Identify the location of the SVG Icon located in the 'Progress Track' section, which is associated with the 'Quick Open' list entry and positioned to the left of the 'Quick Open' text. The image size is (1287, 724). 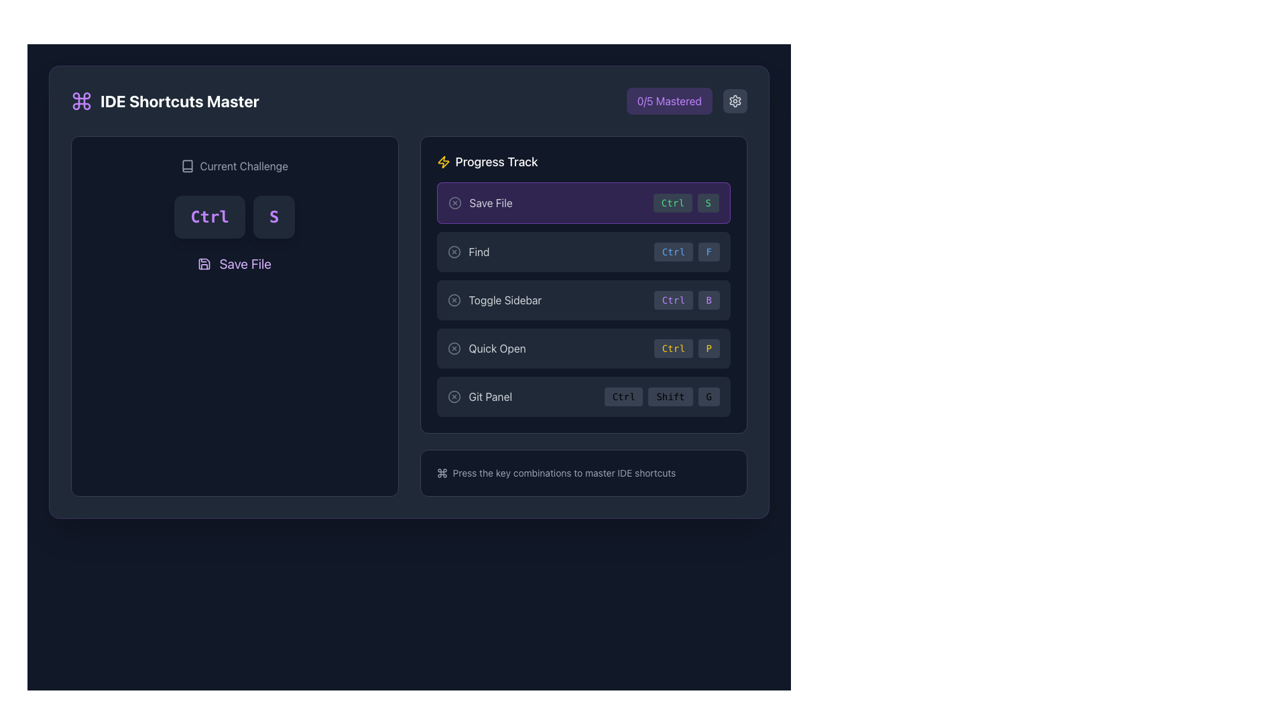
(454, 348).